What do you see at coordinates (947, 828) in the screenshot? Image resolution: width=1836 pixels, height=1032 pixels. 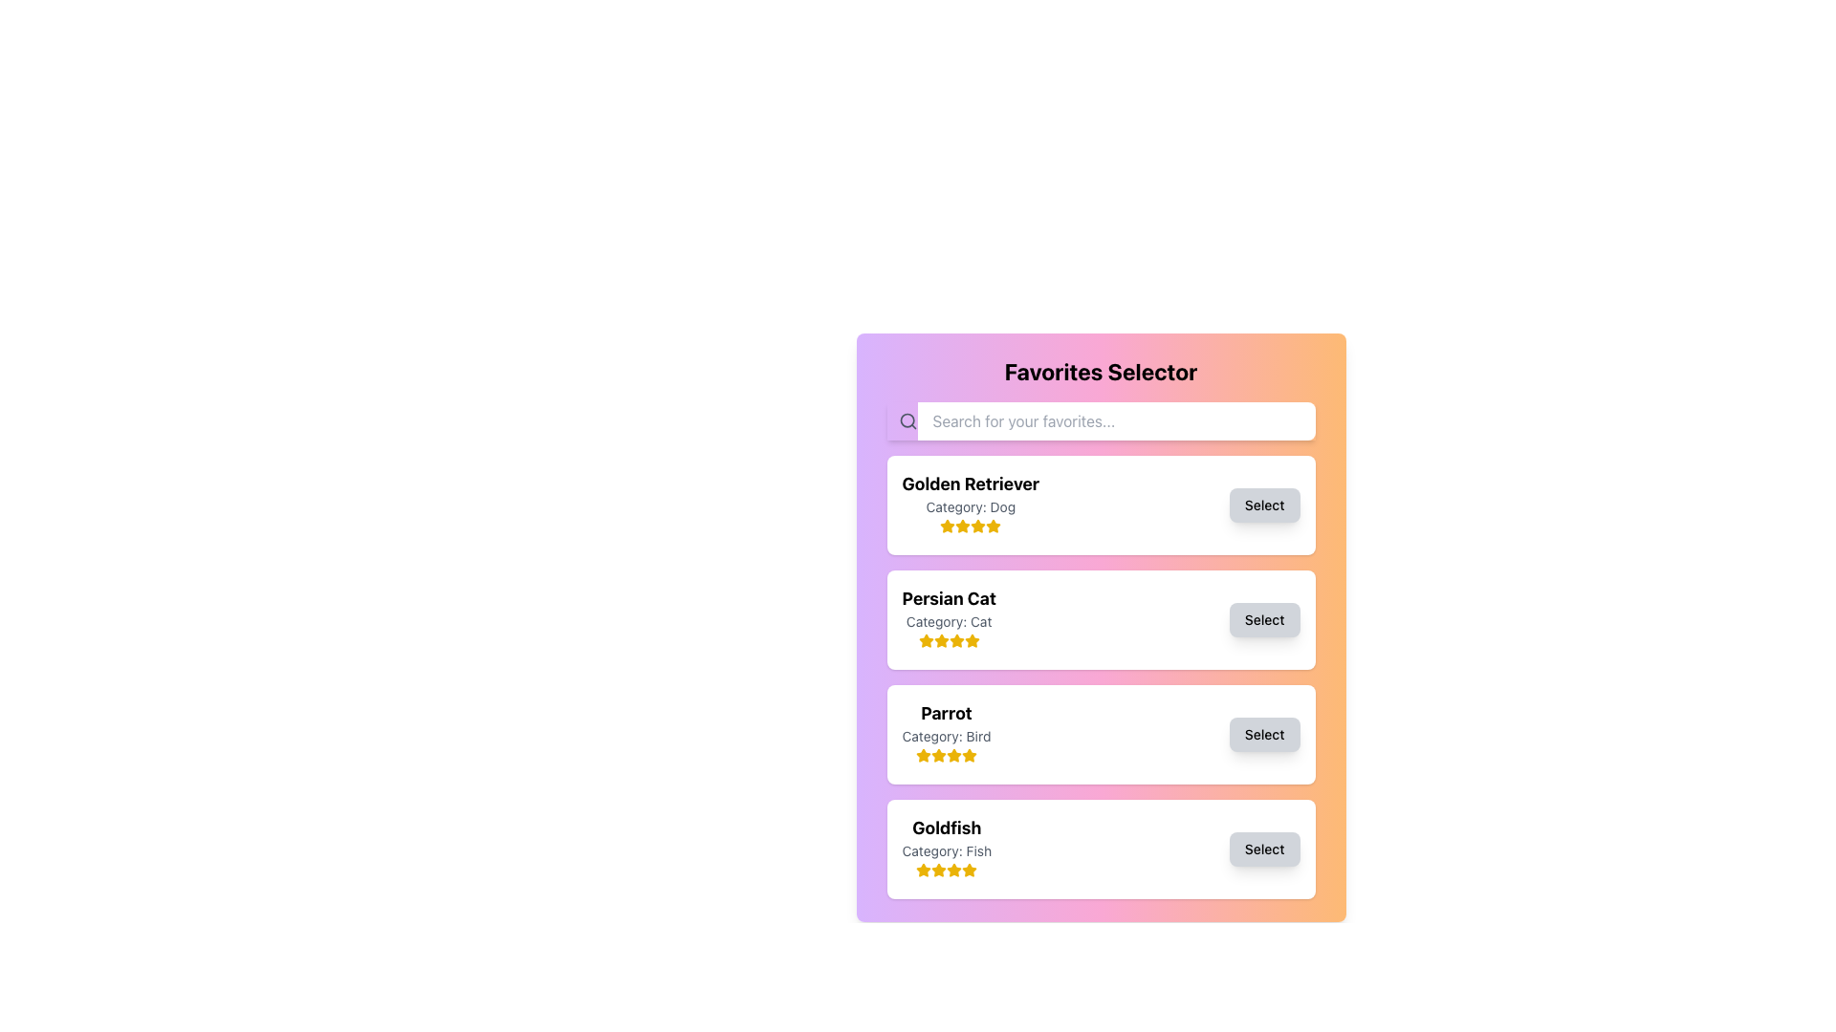 I see `the text label that serves as the title for the 'Goldfish' entry in the favorites selector interface, located at the bottom of the favorites list` at bounding box center [947, 828].